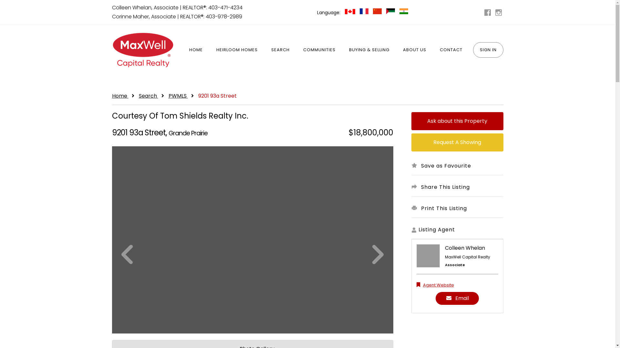 The width and height of the screenshot is (620, 348). I want to click on 'English Canadian', so click(350, 12).